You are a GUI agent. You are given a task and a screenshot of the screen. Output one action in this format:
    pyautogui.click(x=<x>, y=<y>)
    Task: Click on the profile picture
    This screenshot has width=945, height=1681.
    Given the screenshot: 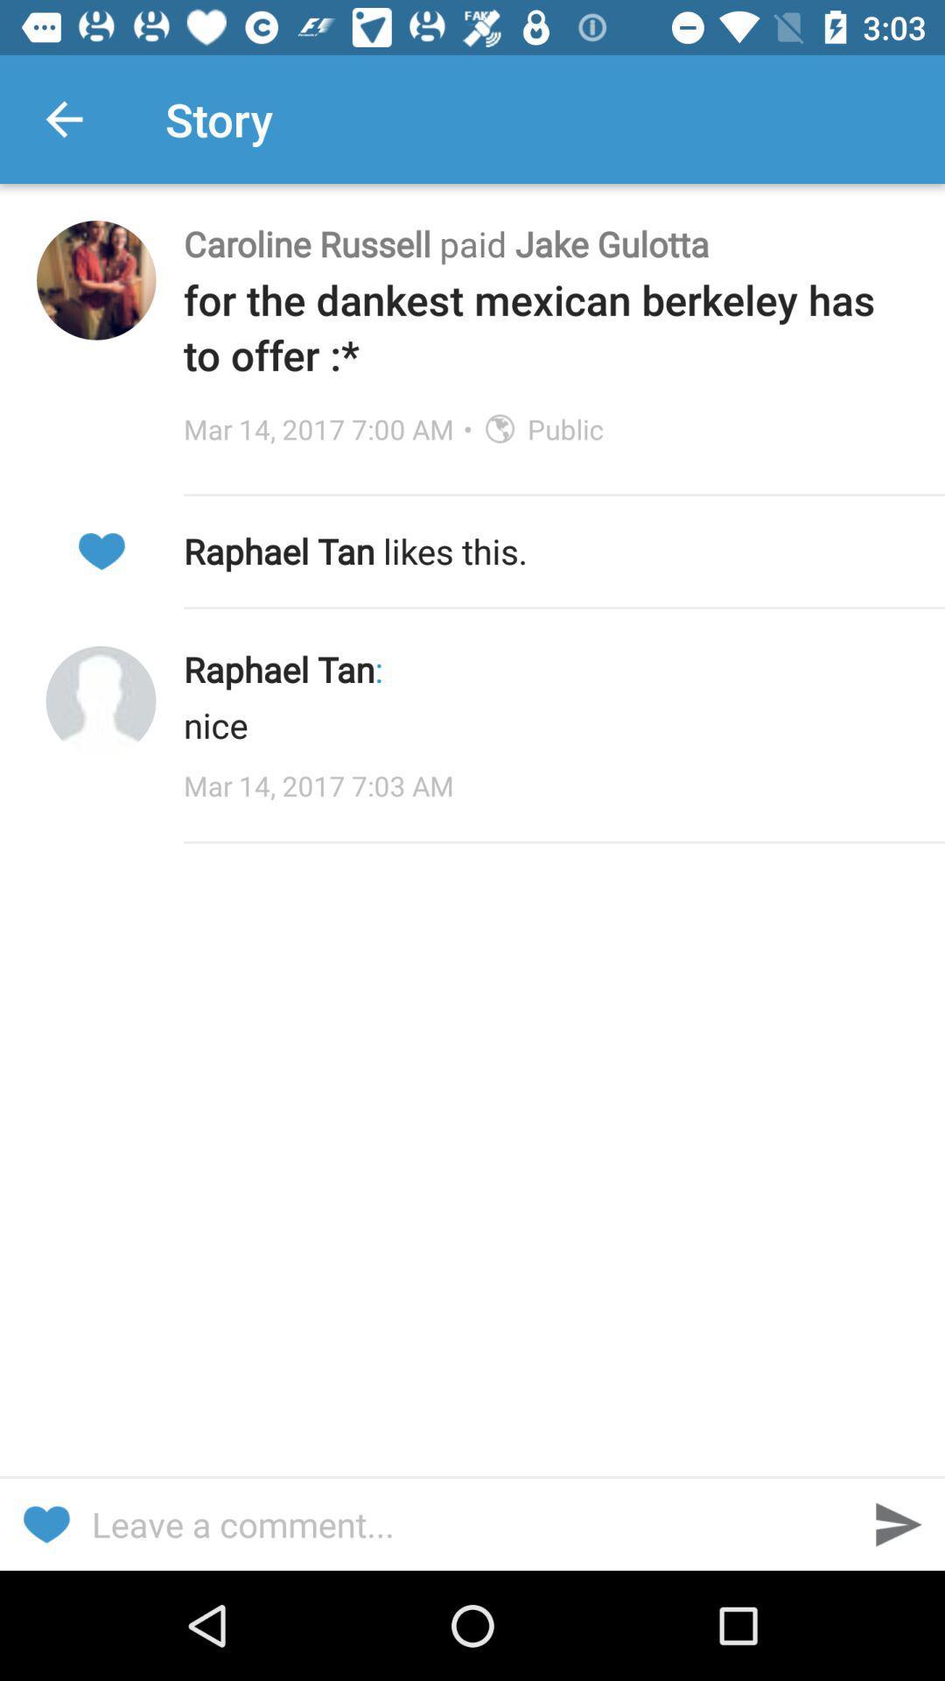 What is the action you would take?
    pyautogui.click(x=101, y=701)
    